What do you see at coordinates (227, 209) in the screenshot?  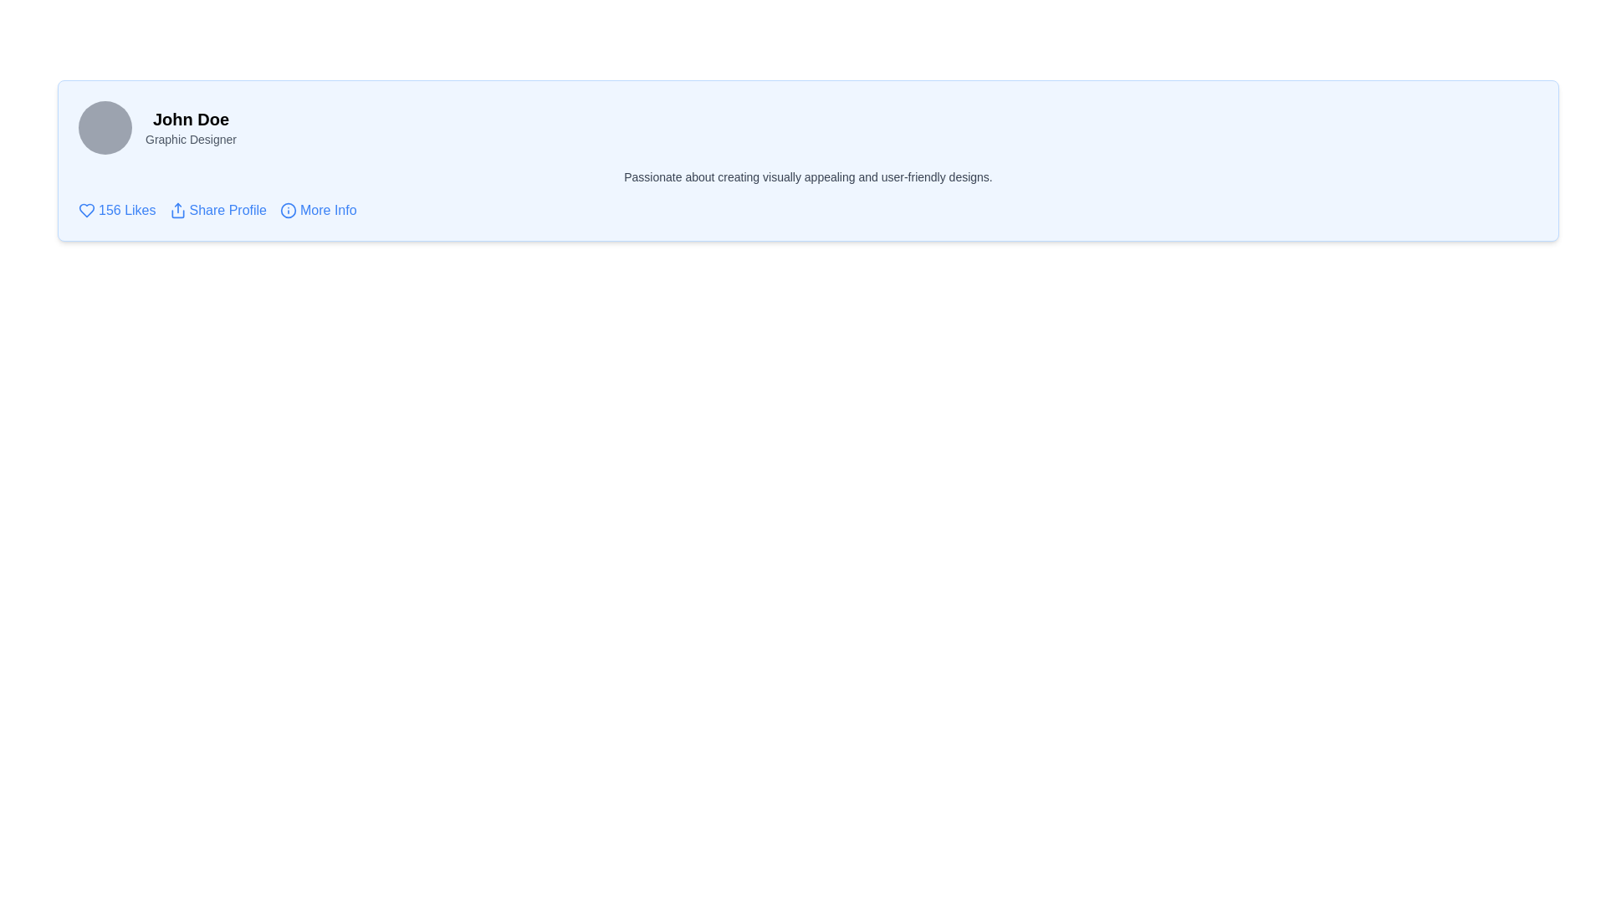 I see `the 'Share Profile' text label, styled in blue, located in the center of the card layout` at bounding box center [227, 209].